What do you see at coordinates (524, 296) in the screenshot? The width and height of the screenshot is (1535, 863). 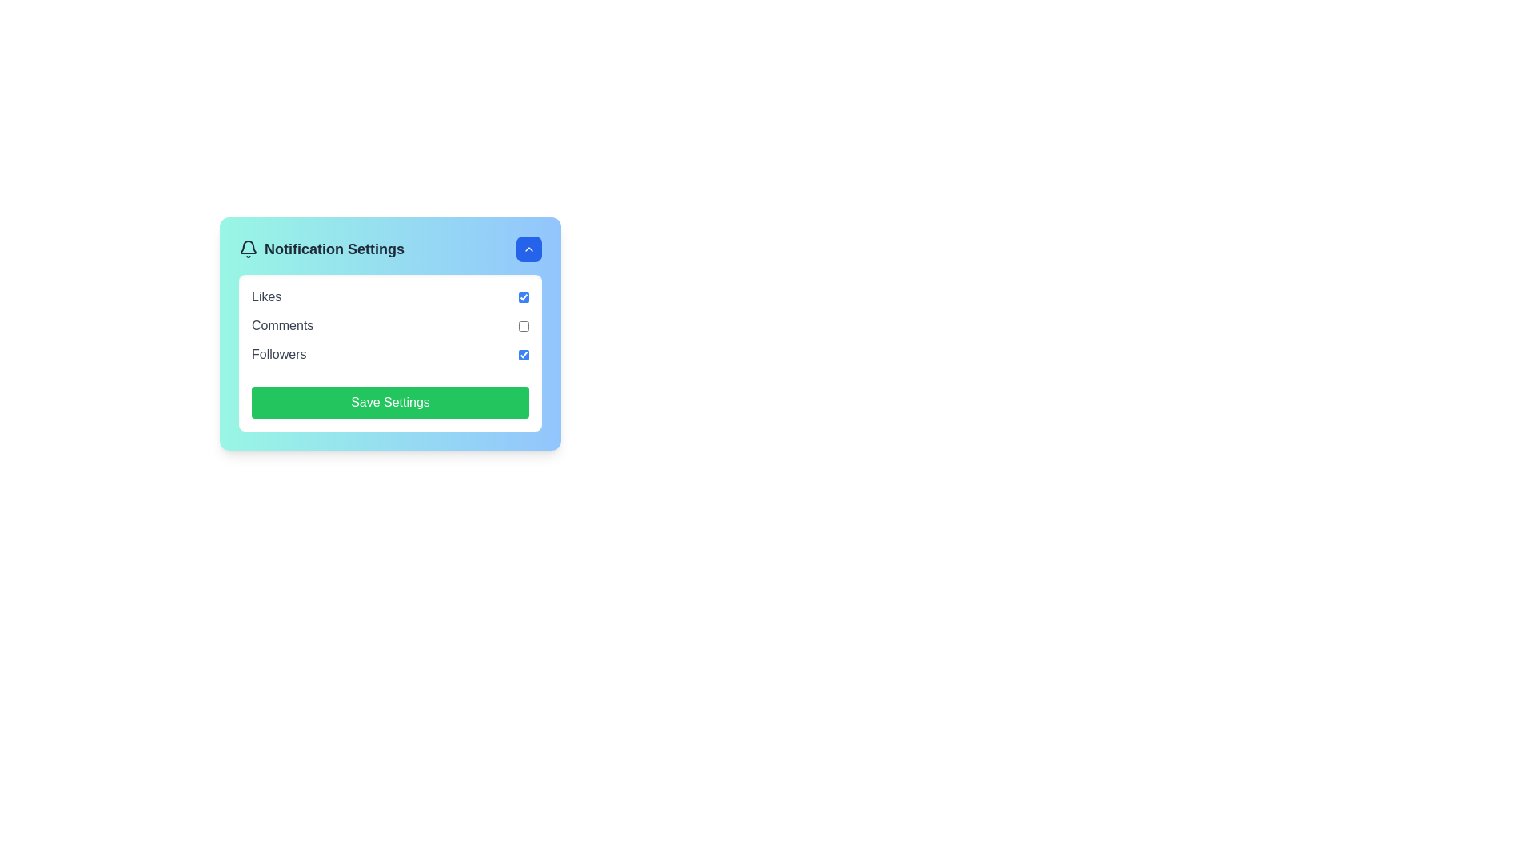 I see `the blue checkbox with rounded corners next to the label 'Likes'` at bounding box center [524, 296].